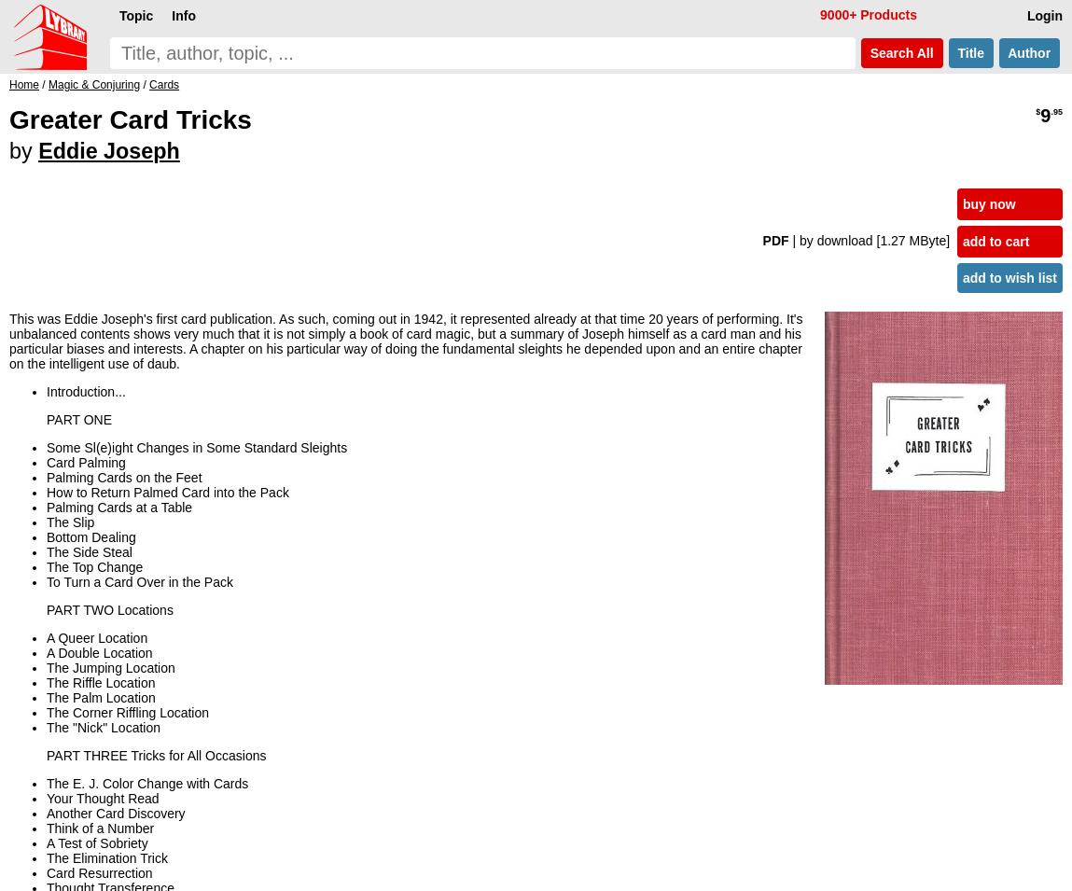  Describe the element at coordinates (146, 784) in the screenshot. I see `'The E. J. Color Change with Cards'` at that location.